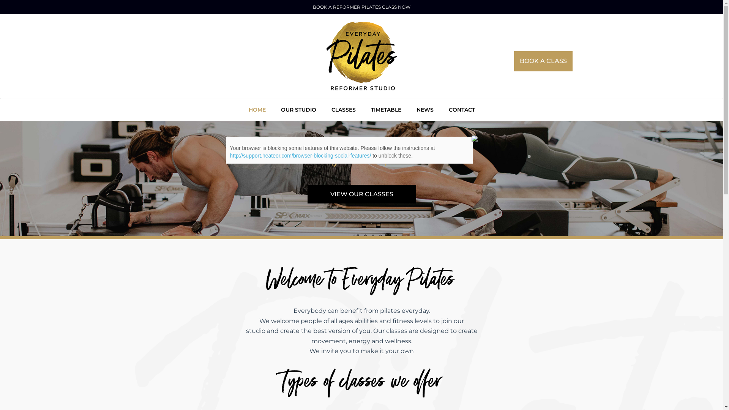  Describe the element at coordinates (257, 108) in the screenshot. I see `'HOME'` at that location.